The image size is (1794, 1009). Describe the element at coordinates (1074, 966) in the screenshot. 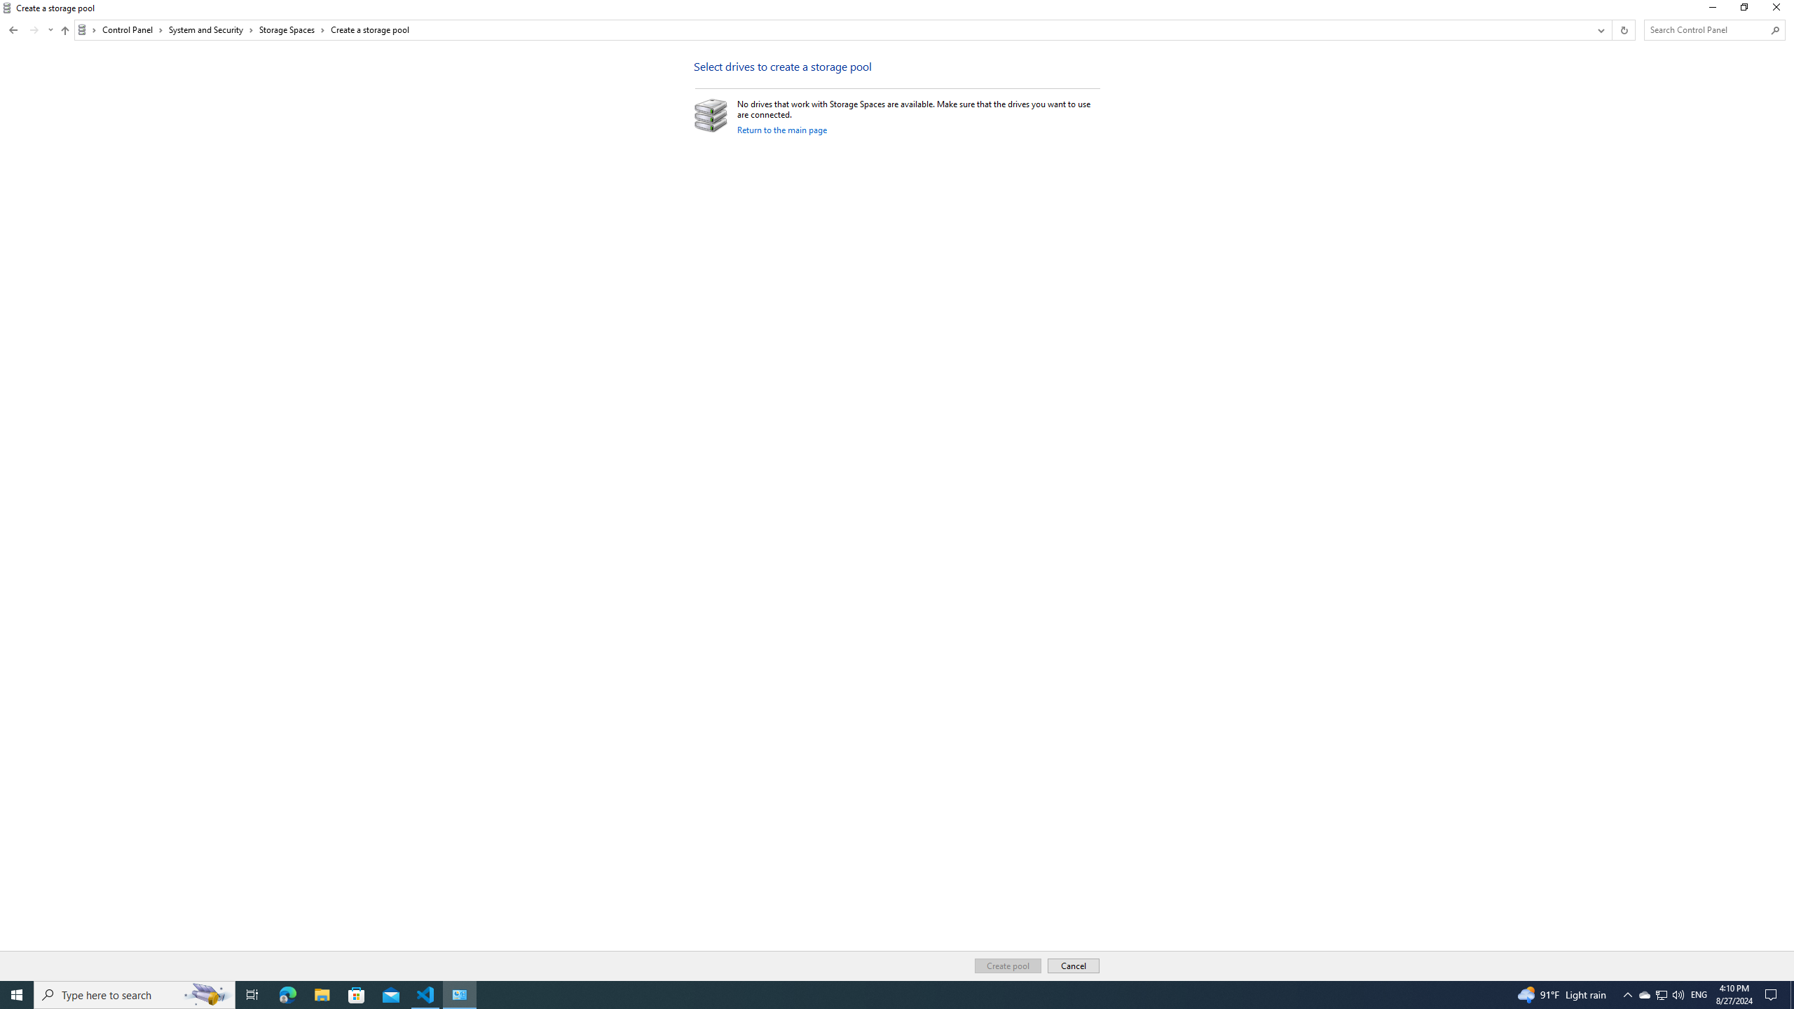

I see `'Cancel'` at that location.